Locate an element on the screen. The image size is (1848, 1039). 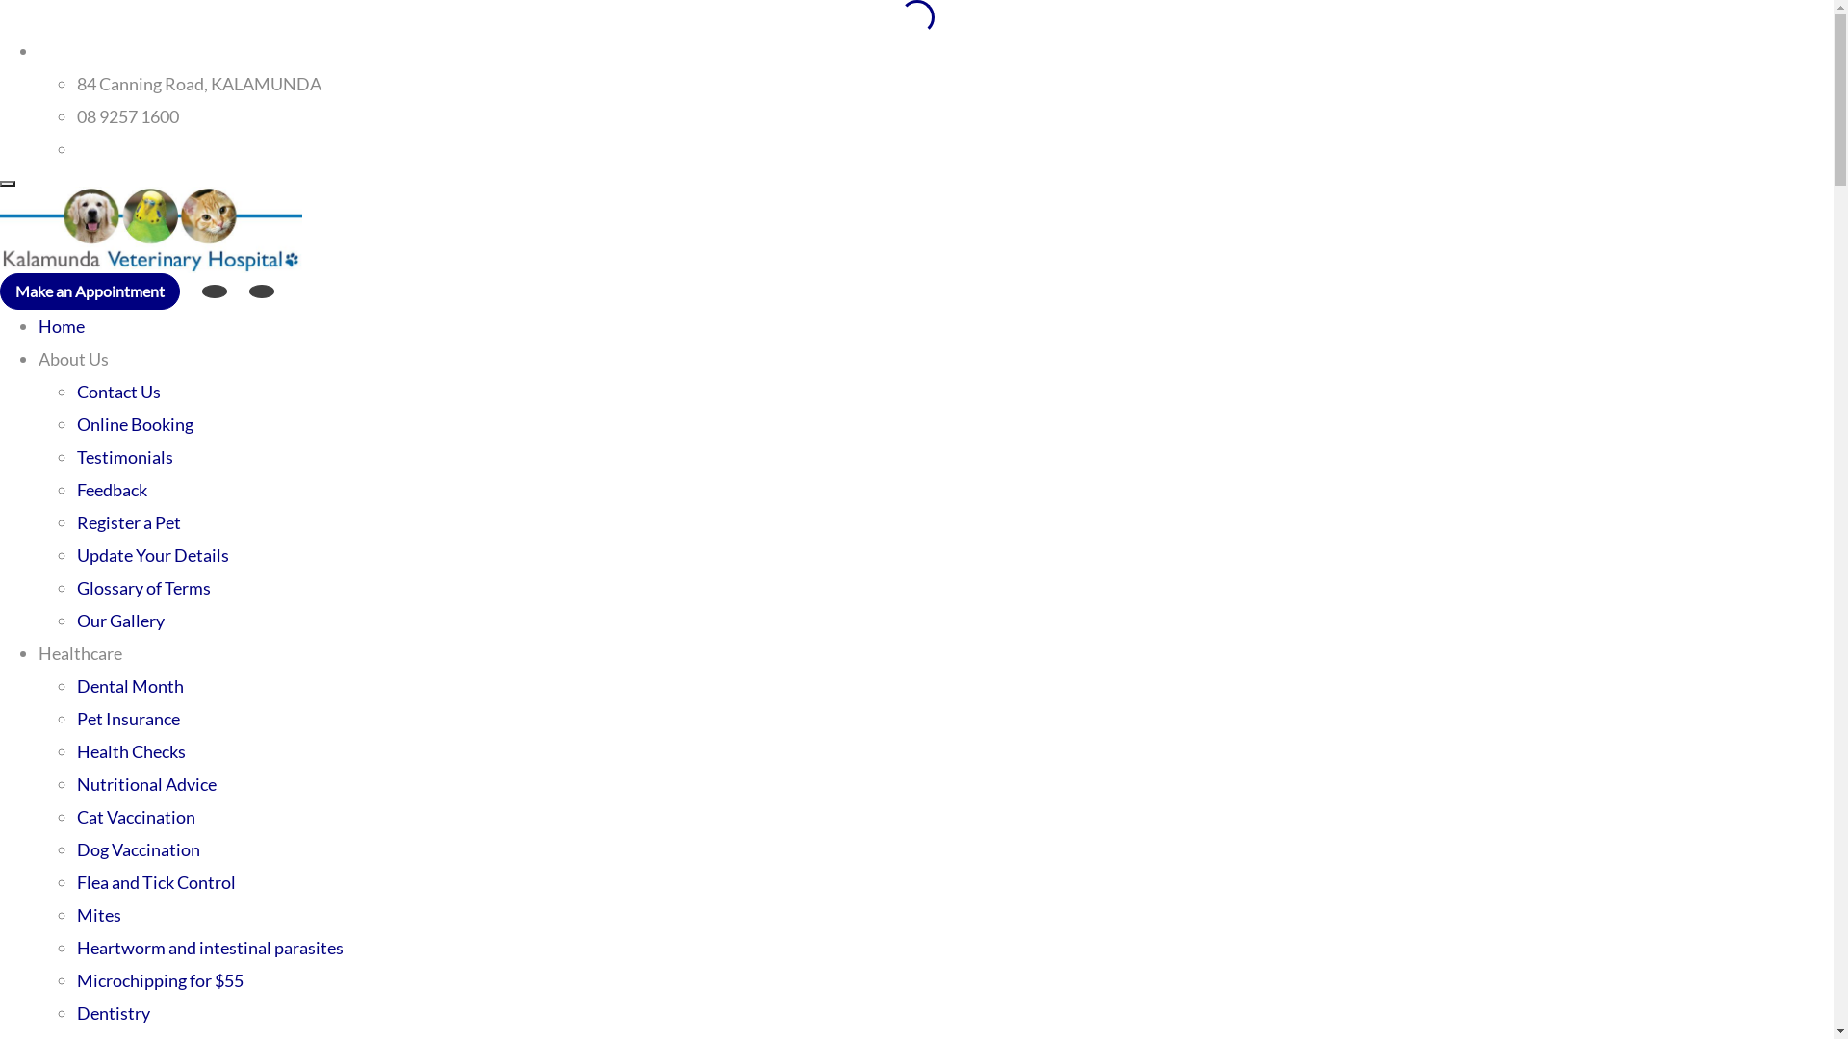
'Health Checks' is located at coordinates (130, 749).